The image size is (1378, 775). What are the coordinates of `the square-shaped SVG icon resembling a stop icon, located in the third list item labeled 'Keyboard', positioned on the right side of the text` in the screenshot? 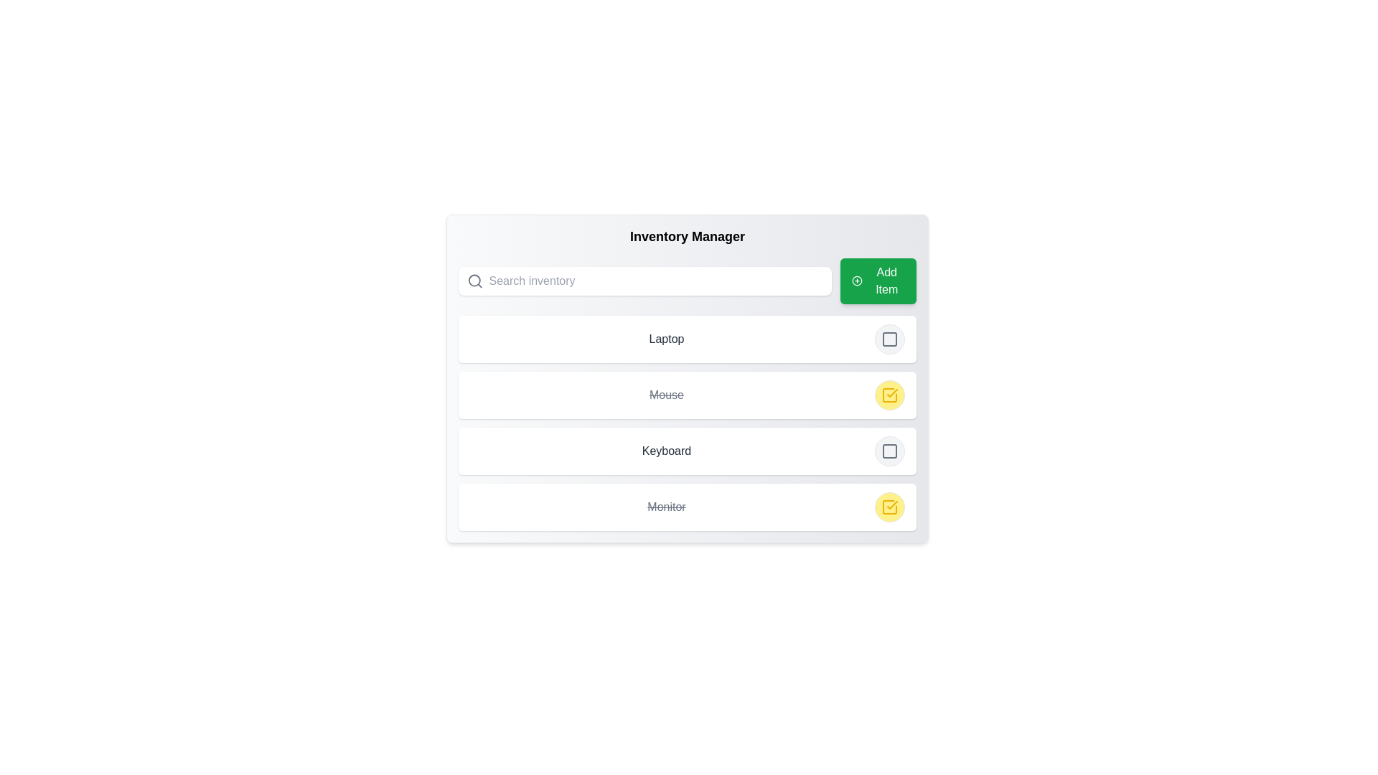 It's located at (889, 450).